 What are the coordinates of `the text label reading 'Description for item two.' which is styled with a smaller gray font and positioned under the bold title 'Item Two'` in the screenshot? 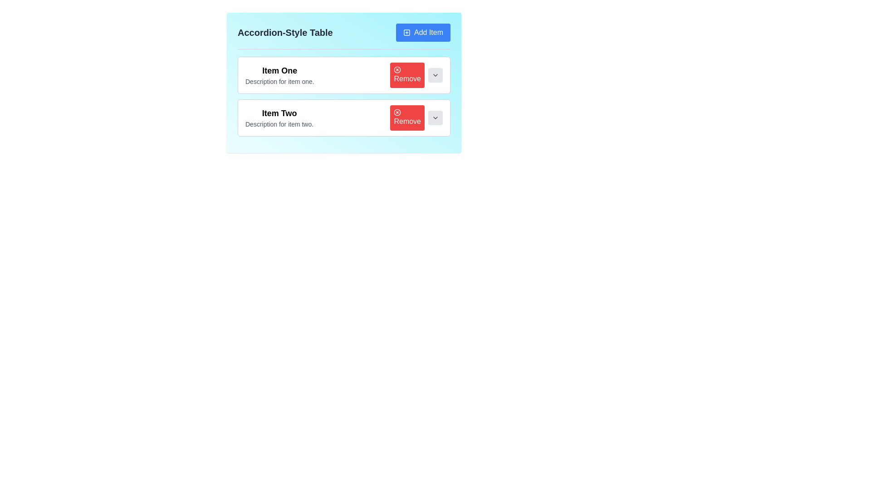 It's located at (279, 124).